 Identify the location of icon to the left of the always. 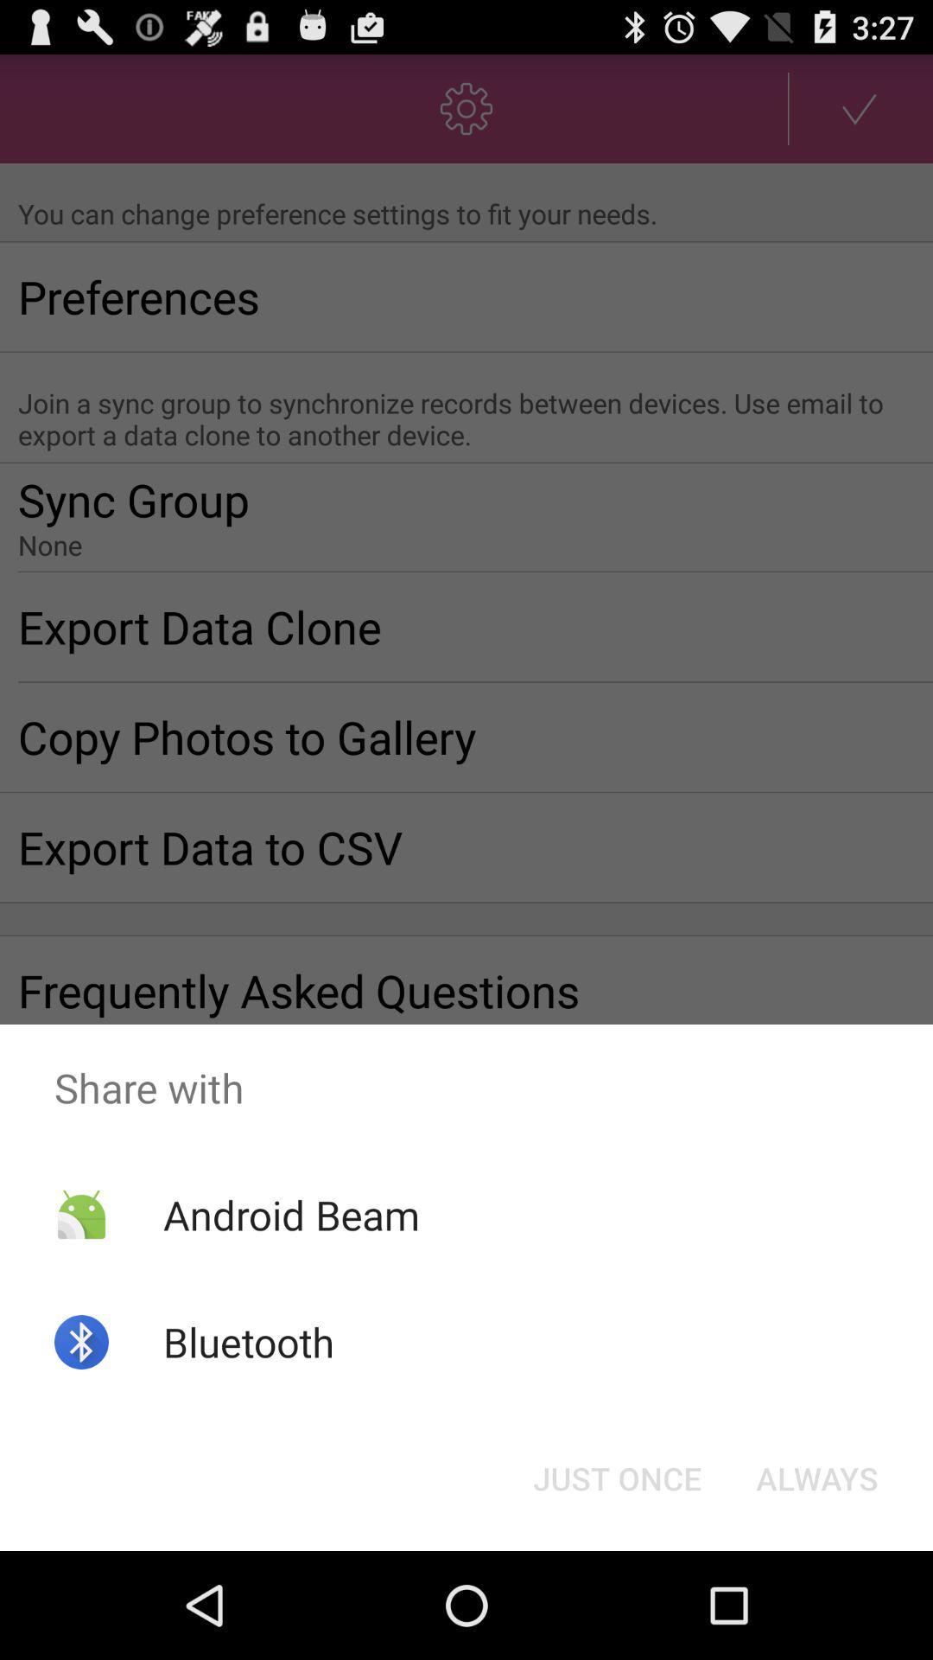
(616, 1477).